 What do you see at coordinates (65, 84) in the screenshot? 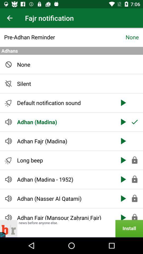
I see `the item above default notification sound` at bounding box center [65, 84].